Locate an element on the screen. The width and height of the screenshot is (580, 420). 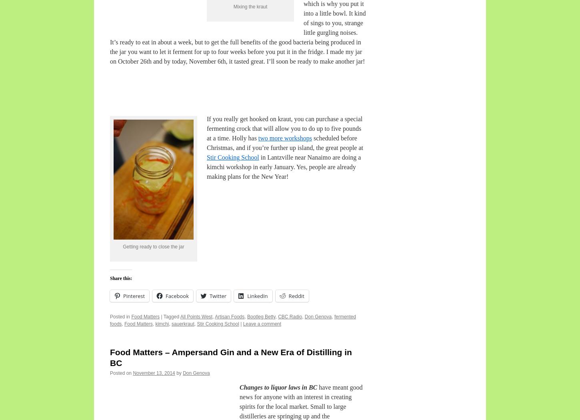
'sauerkraut' is located at coordinates (182, 323).